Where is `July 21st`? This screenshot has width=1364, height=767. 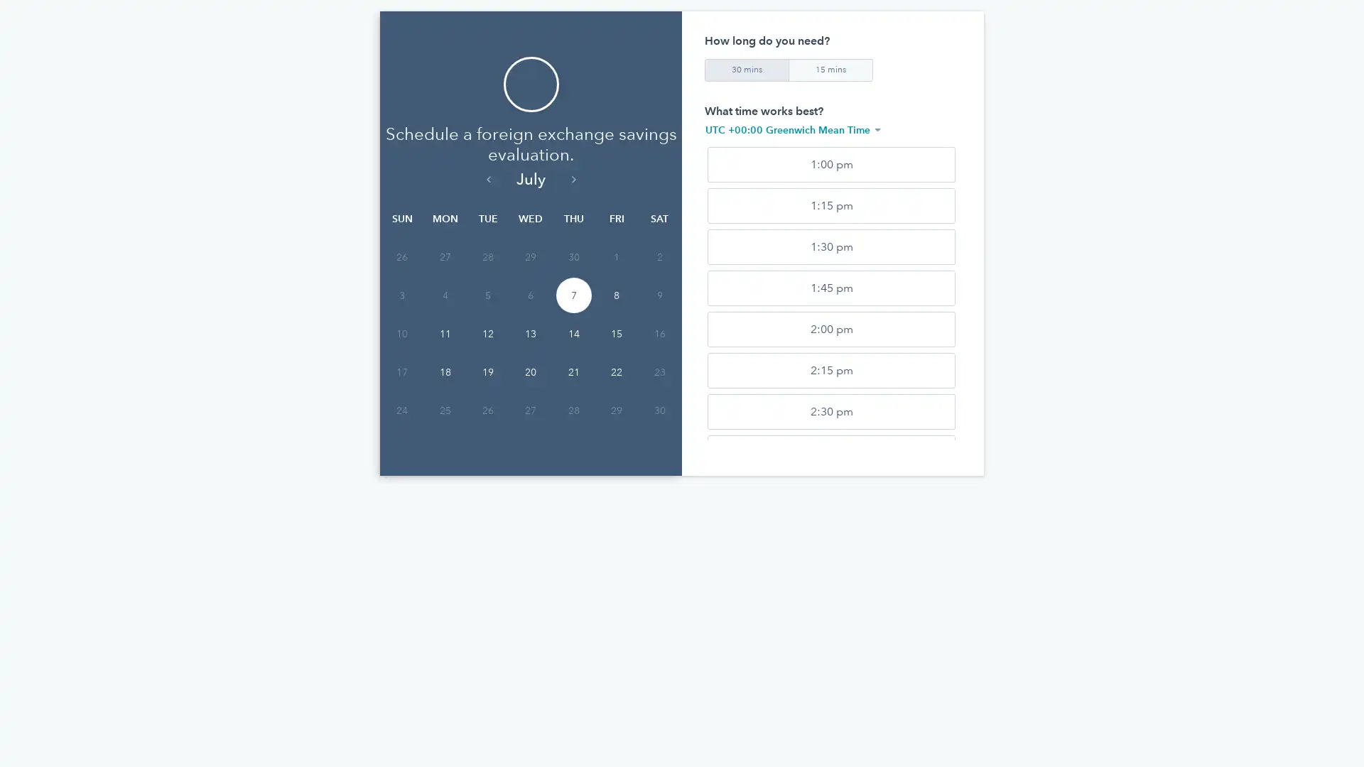 July 21st is located at coordinates (573, 371).